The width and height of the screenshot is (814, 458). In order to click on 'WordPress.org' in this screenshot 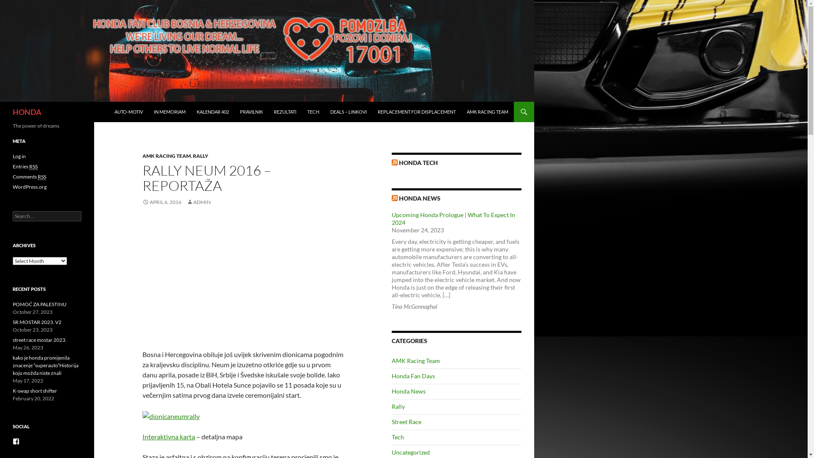, I will do `click(30, 186)`.